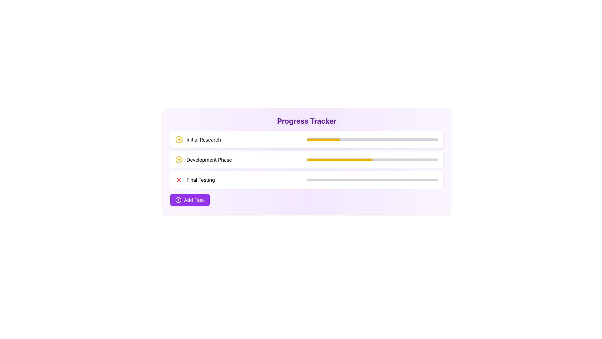  I want to click on the leftmost icon that indicates the option to remove or abort the task labeled 'Final Testing', positioned in the bottom-most list item, so click(179, 180).